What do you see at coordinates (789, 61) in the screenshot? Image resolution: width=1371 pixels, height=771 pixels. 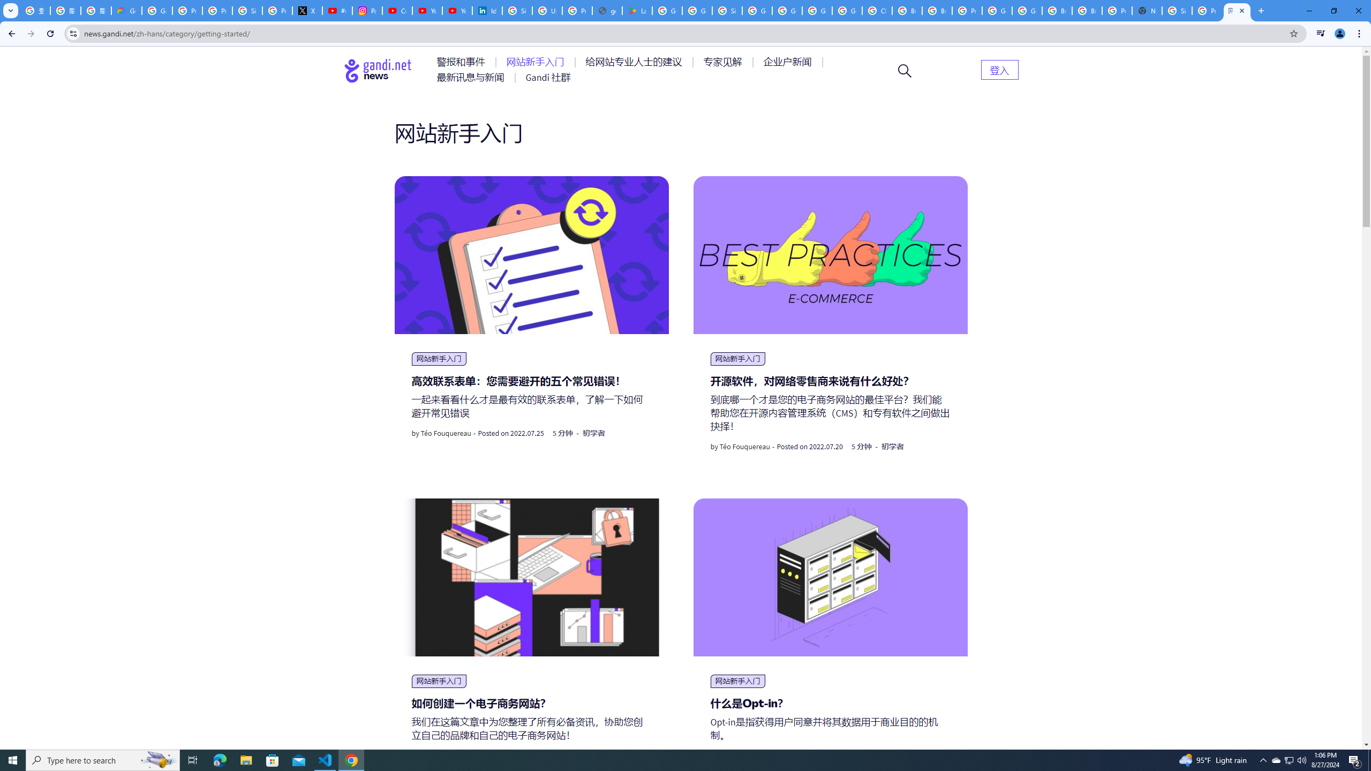 I see `'AutomationID: menu-item-77765'` at bounding box center [789, 61].